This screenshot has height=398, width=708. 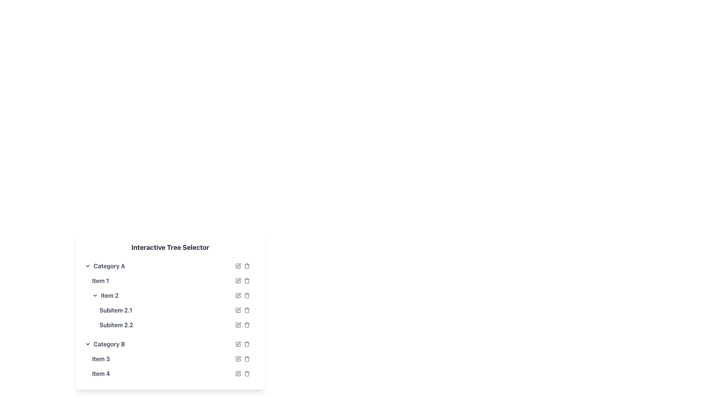 What do you see at coordinates (238, 266) in the screenshot?
I see `the left segment of the pen drawing a square icon located to the right of the 'Category A' label in the tree selector interface` at bounding box center [238, 266].